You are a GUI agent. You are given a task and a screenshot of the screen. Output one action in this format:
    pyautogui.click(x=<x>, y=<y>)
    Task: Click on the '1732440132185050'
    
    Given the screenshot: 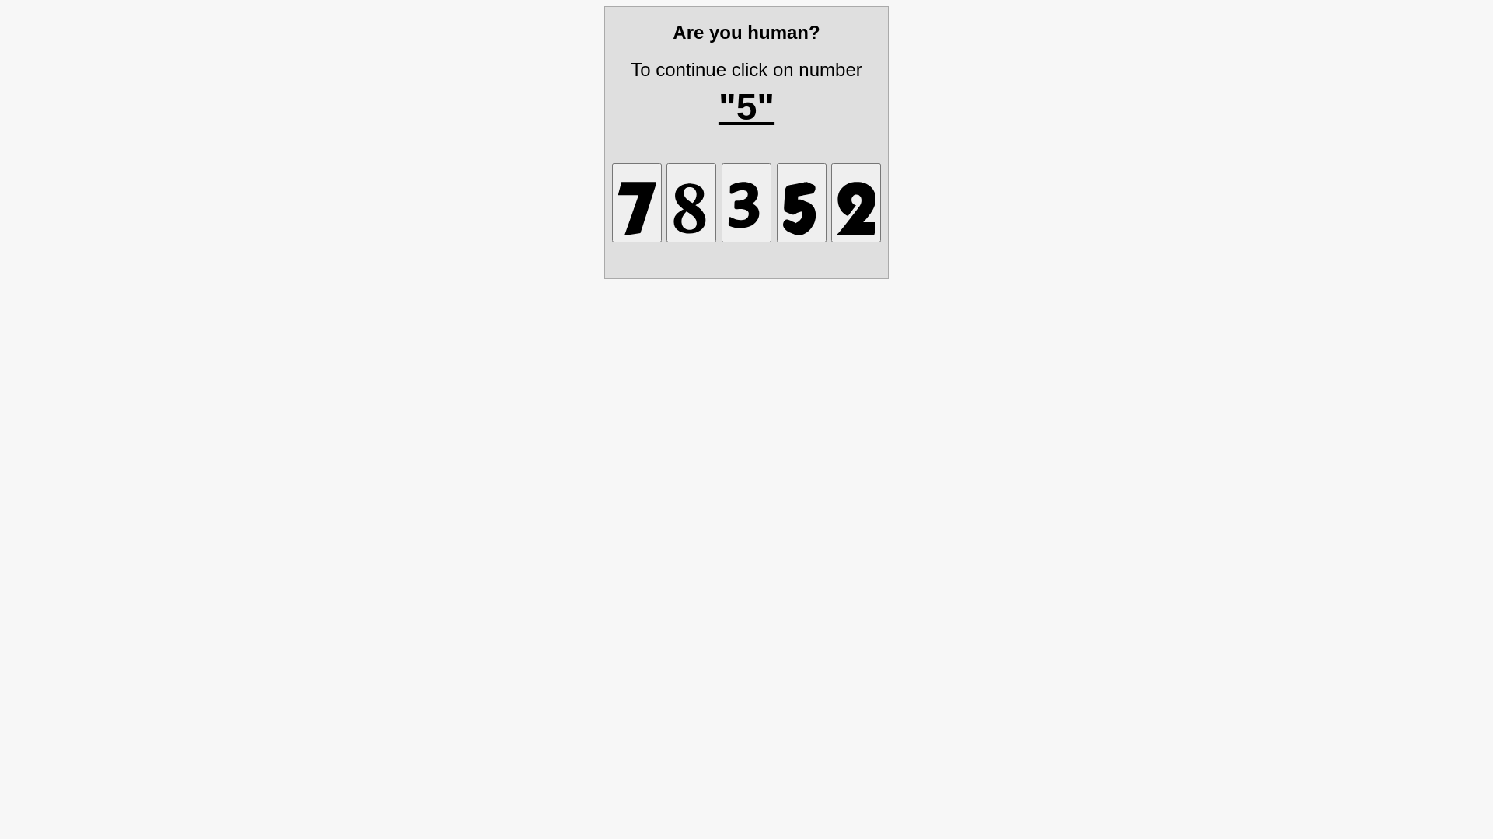 What is the action you would take?
    pyautogui.click(x=666, y=202)
    